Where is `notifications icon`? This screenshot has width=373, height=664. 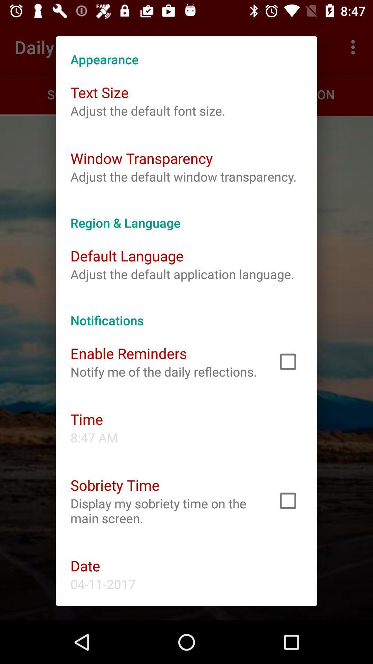
notifications icon is located at coordinates (186, 313).